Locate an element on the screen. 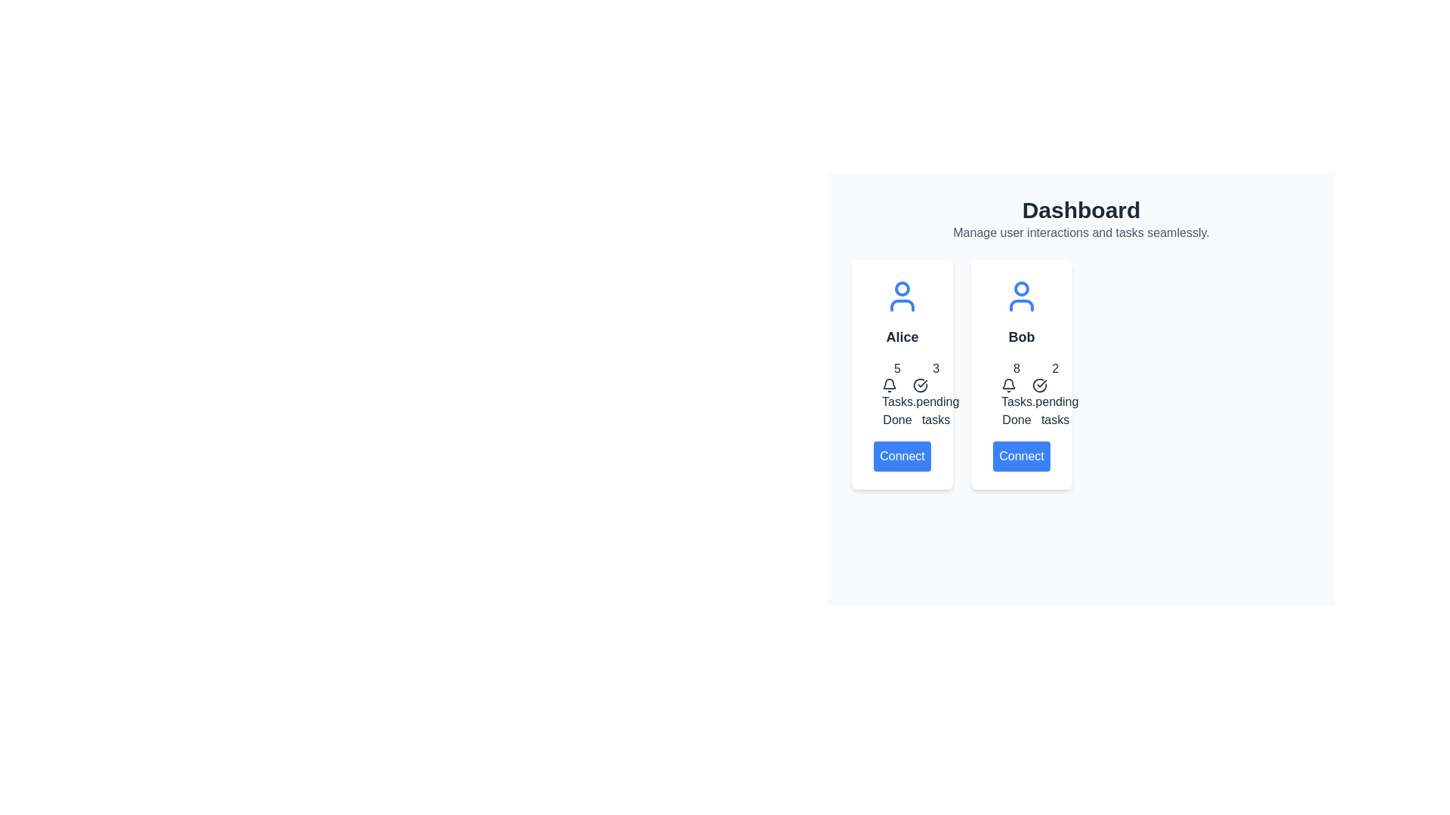 Image resolution: width=1450 pixels, height=815 pixels. the user silhouette icon located at the top-center of the card labeled 'Alice', which is styled in blue and represents a profile or user indicator is located at coordinates (902, 297).